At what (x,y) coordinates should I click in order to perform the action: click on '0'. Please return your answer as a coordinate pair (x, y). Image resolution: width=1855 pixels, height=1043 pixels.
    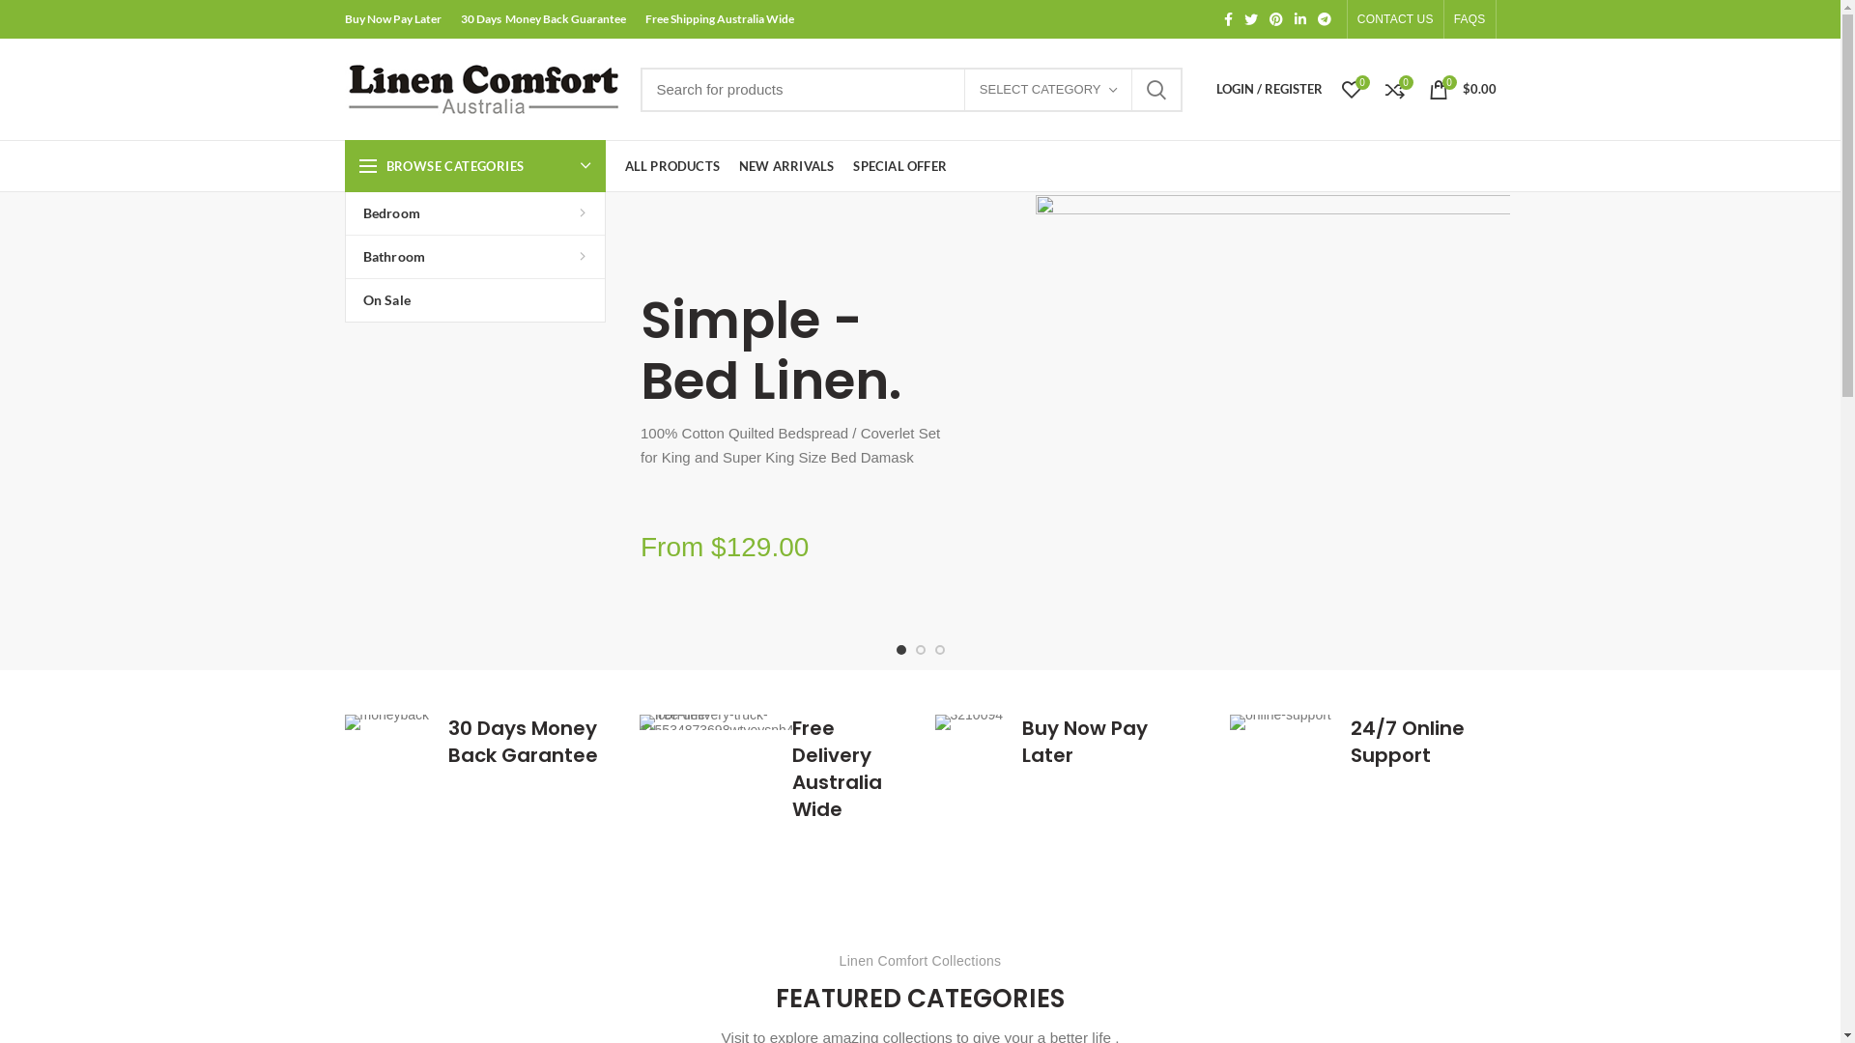
    Looking at the image, I should click on (1395, 89).